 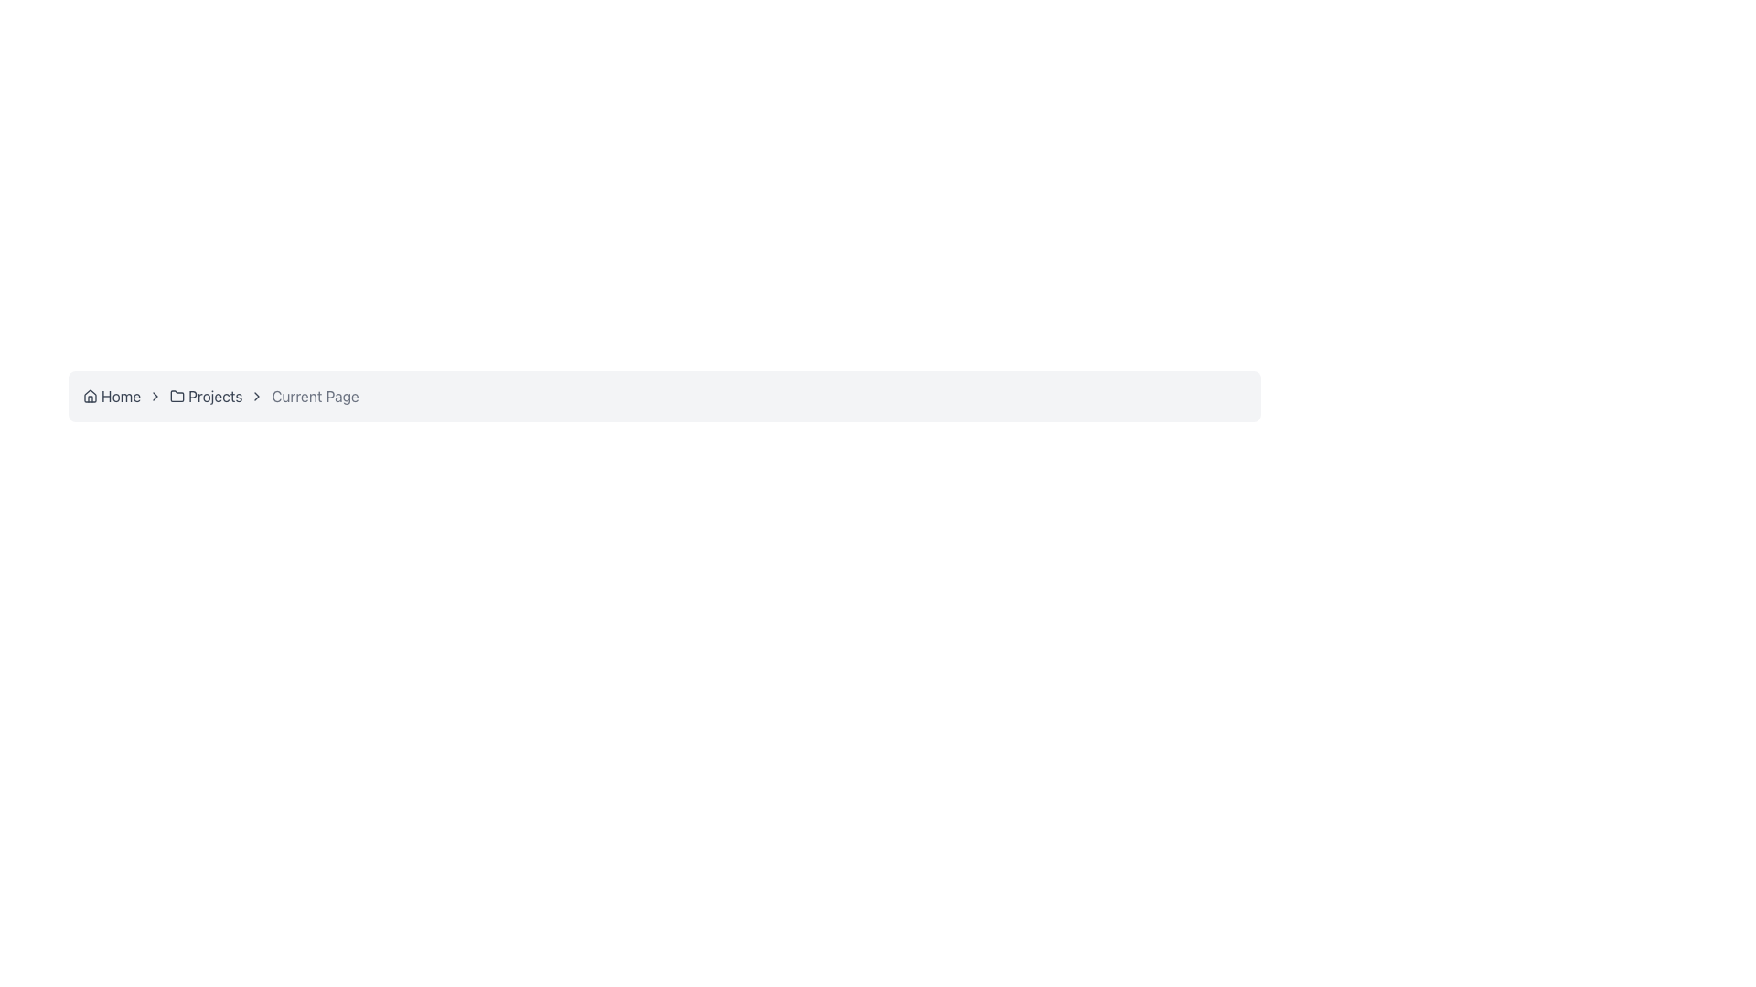 I want to click on the right-pointing chevron icon in the breadcrumb navigation, which is the third chevron between 'Projects' and 'Current Page', so click(x=256, y=396).